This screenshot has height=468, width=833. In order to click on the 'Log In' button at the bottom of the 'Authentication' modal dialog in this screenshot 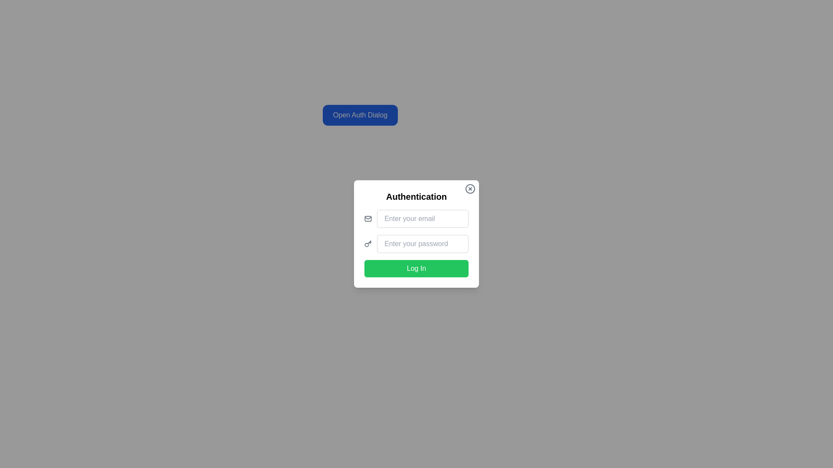, I will do `click(416, 268)`.